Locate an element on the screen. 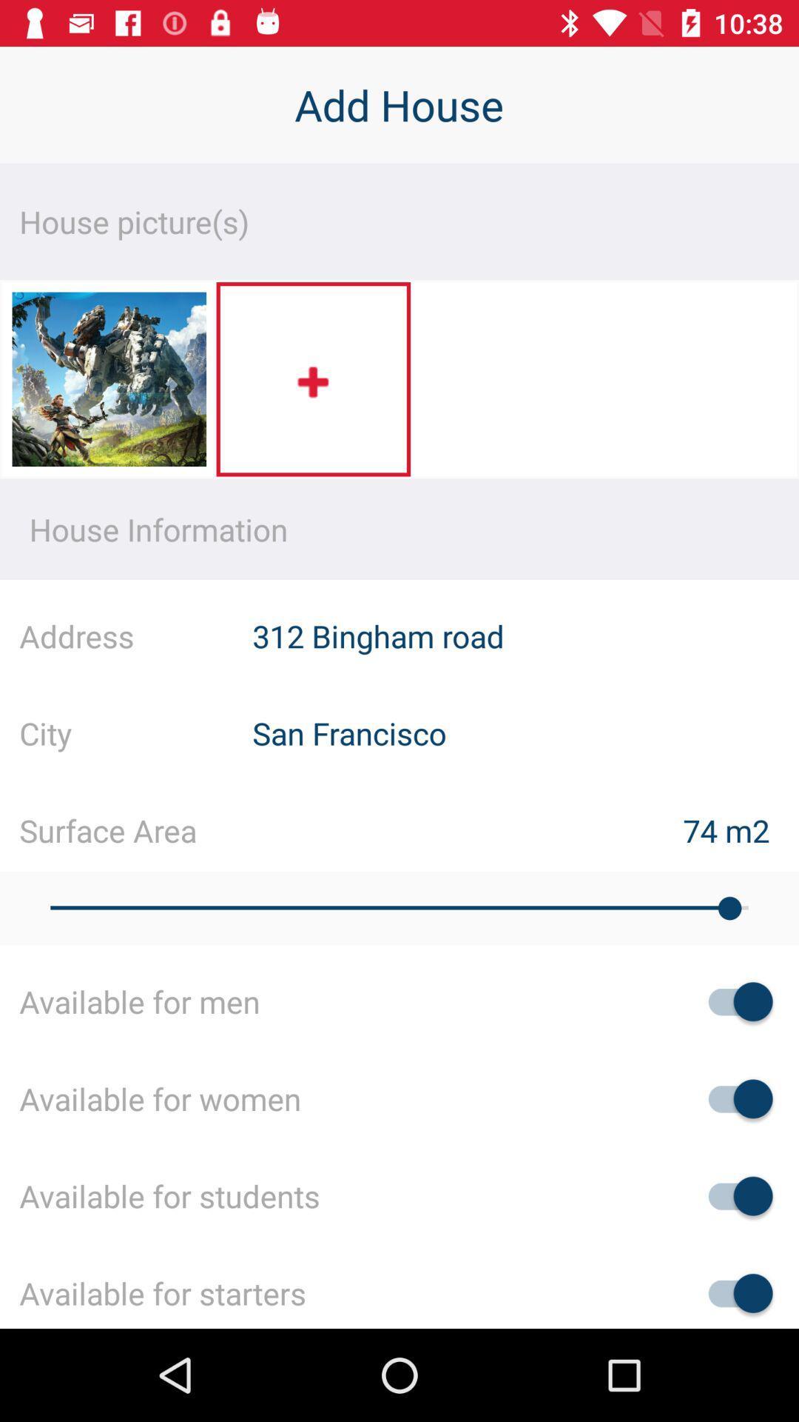 This screenshot has width=799, height=1422. the icon below the house picture(s) item is located at coordinates (312, 379).